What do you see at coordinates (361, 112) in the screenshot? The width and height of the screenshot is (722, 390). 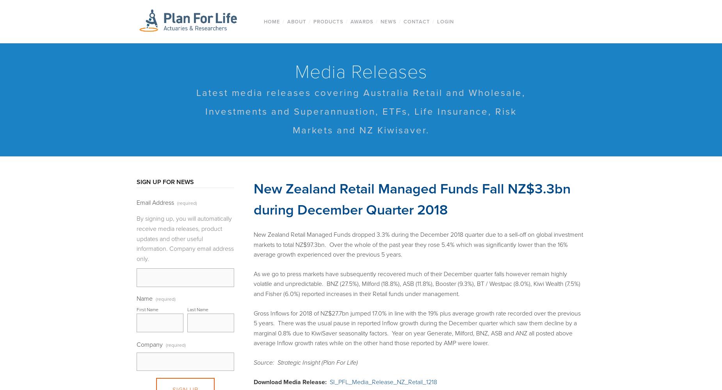 I see `'Latest media releases covering Australia Retail and Wholesale, Investments and Superannuation, ETFs, Life Insurance, Risk Markets and NZ Kiwisaver.'` at bounding box center [361, 112].